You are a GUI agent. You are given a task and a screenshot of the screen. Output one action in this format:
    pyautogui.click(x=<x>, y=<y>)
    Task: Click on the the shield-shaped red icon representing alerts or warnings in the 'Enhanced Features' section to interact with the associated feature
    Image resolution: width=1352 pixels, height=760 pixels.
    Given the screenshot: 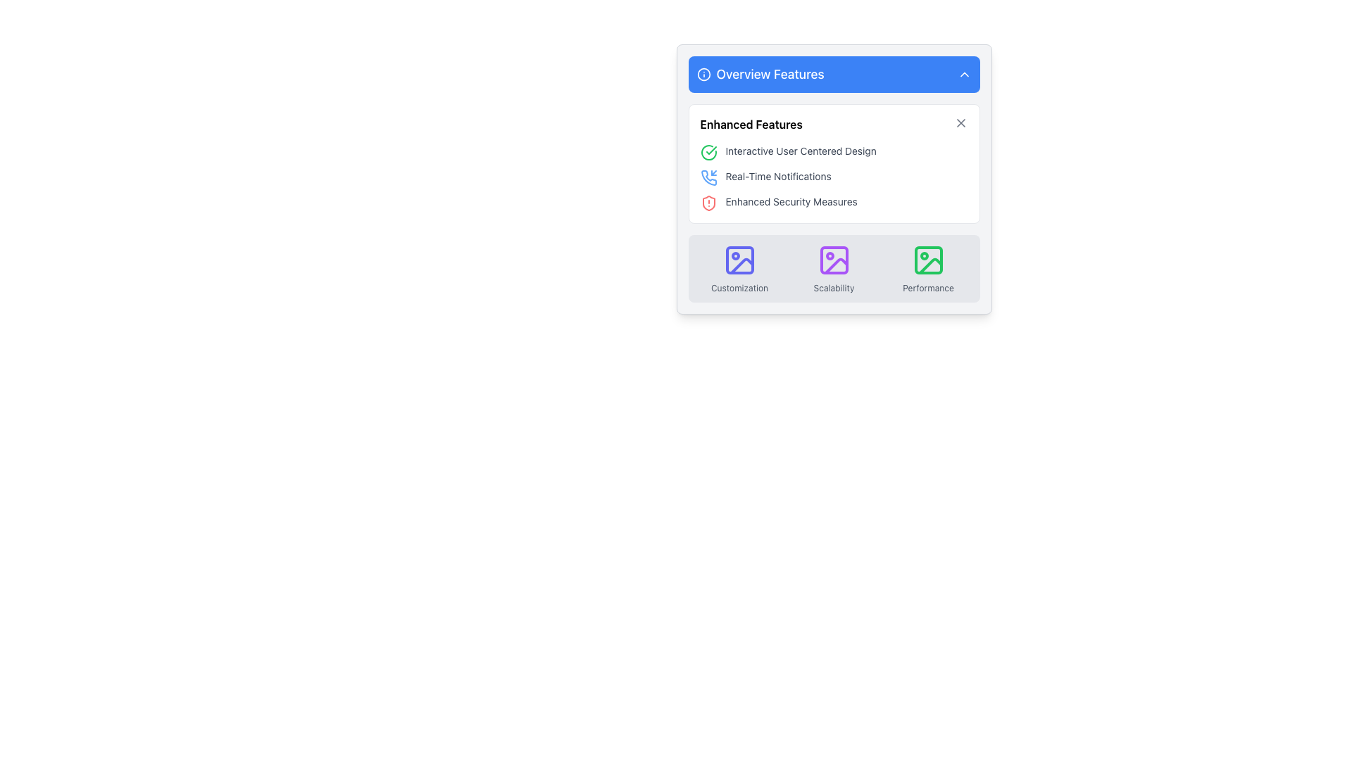 What is the action you would take?
    pyautogui.click(x=708, y=203)
    